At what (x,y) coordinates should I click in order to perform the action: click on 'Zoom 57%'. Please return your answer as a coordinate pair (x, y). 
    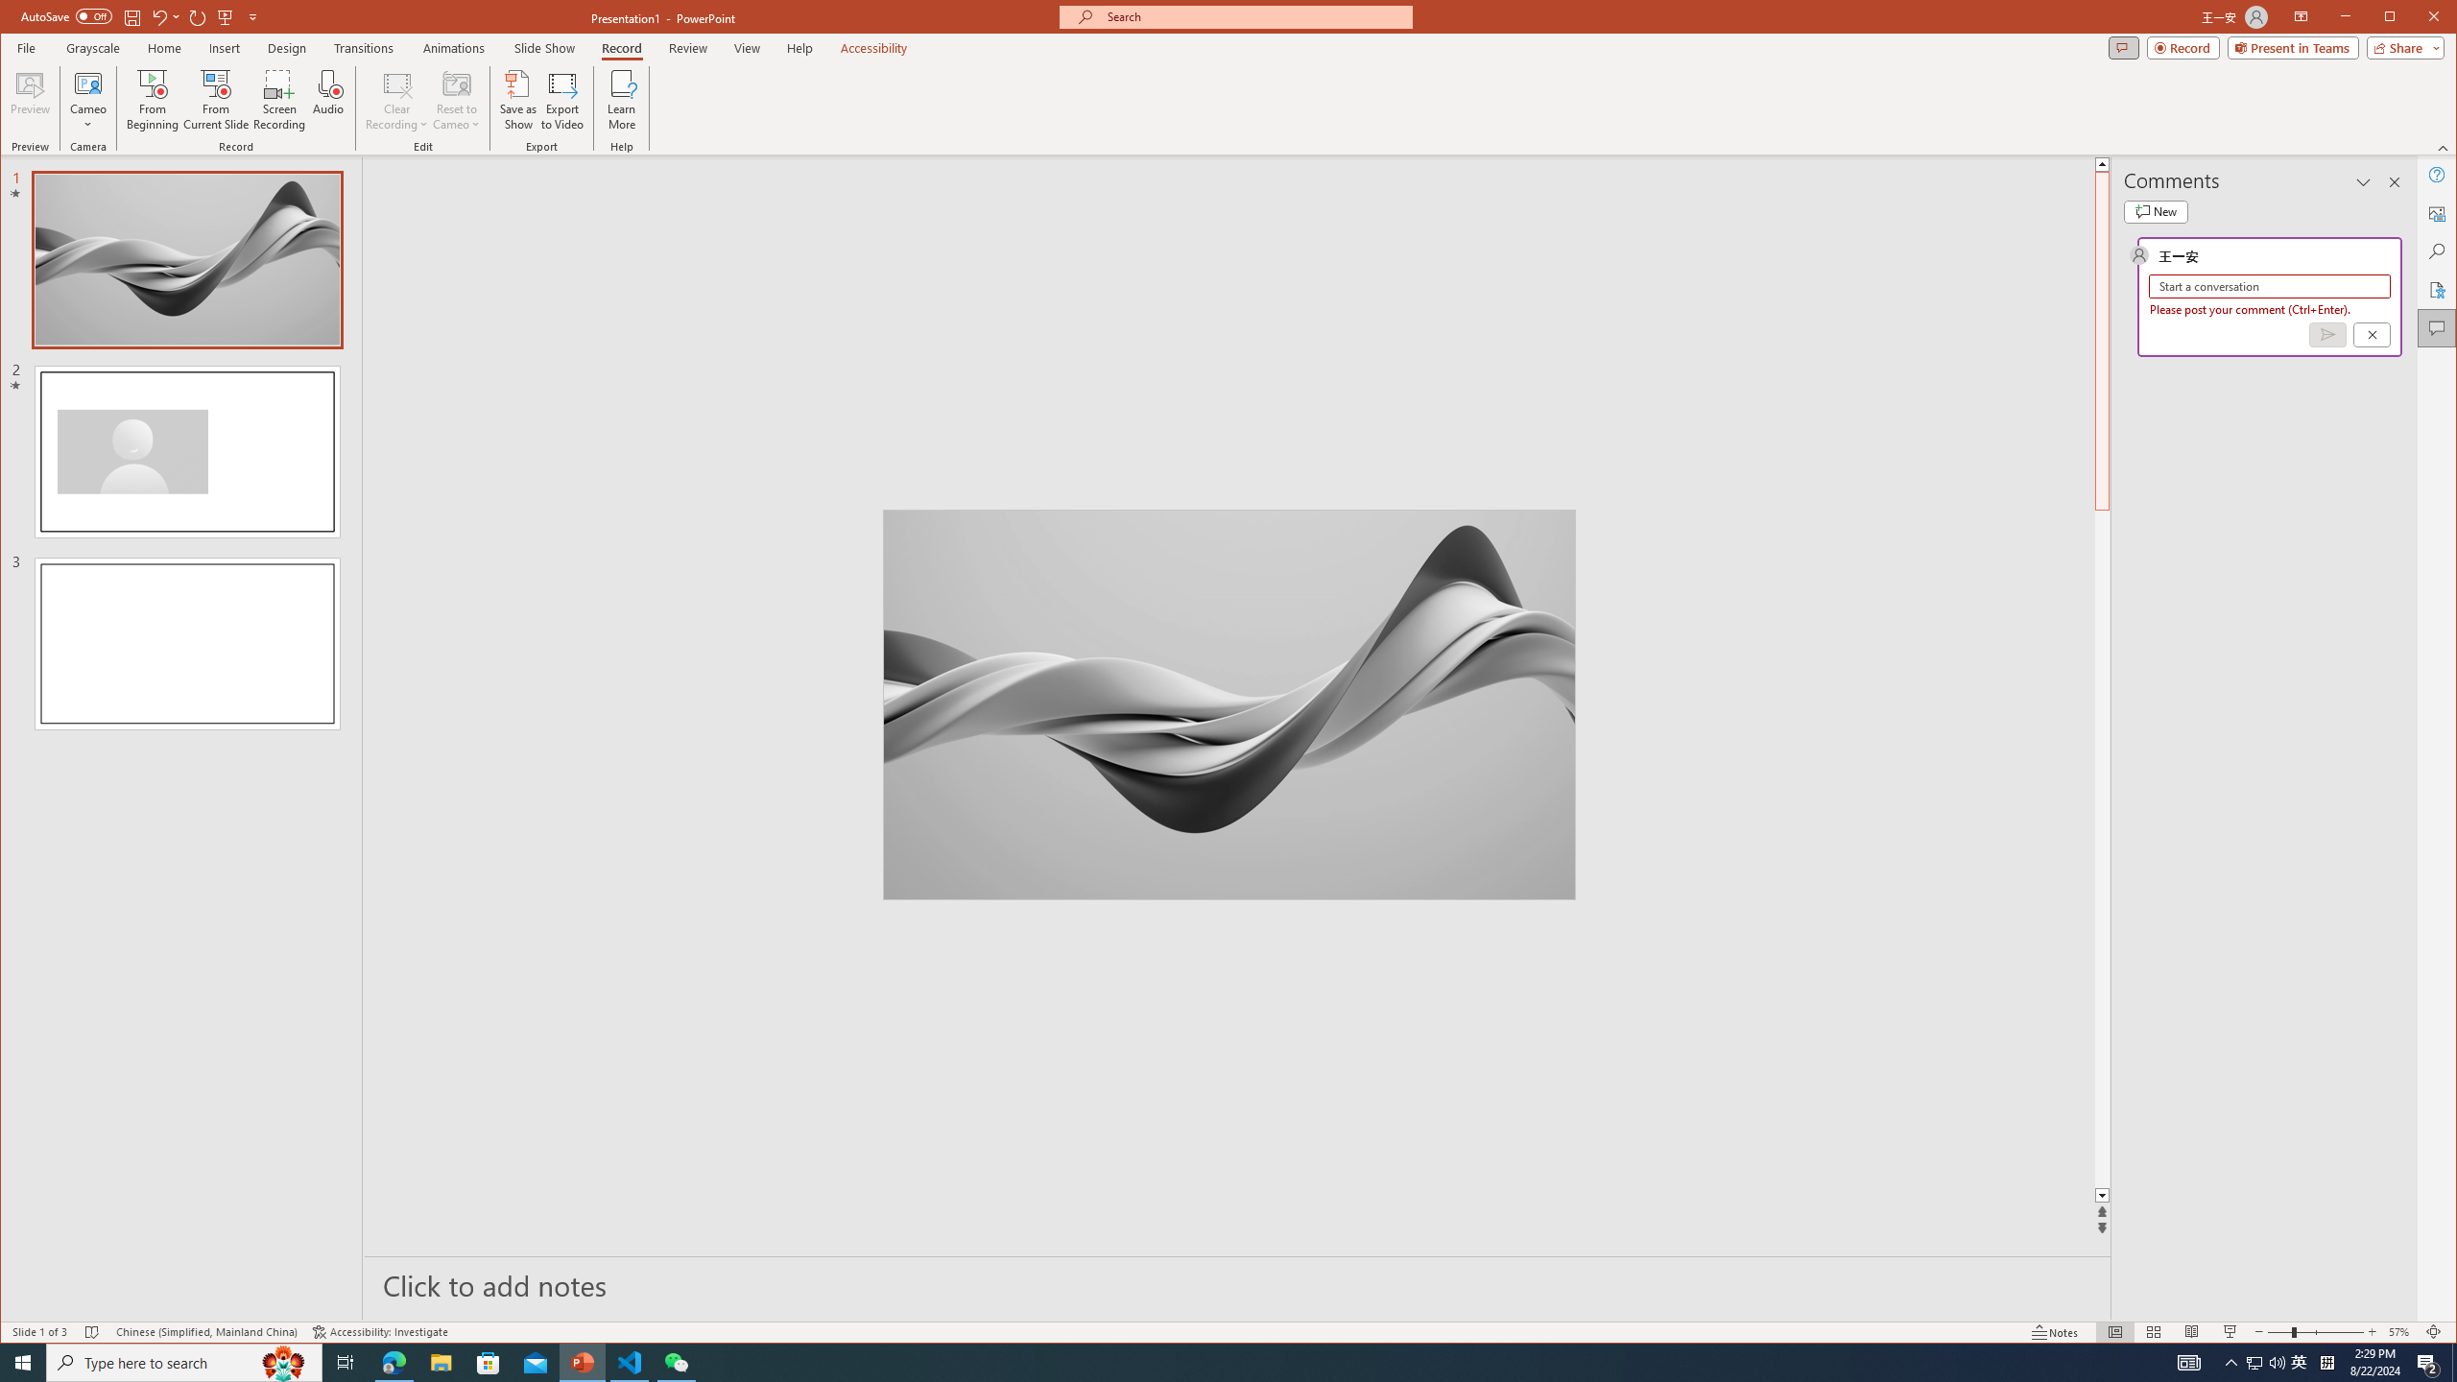
    Looking at the image, I should click on (2401, 1331).